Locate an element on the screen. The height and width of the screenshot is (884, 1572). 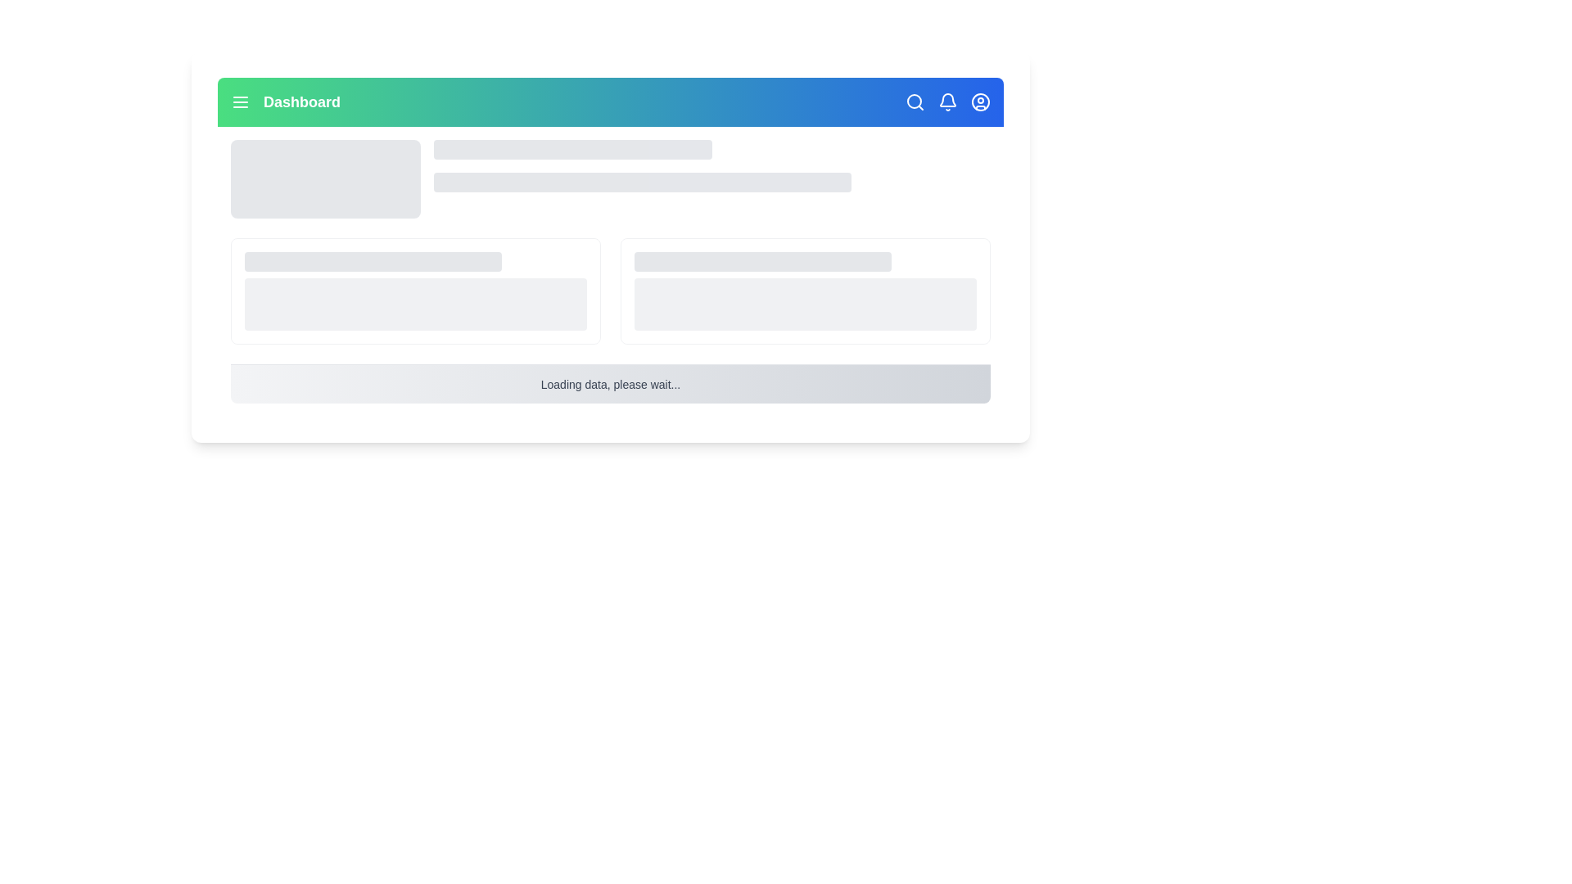
the Placeholder bar located in the upper part of the interface, aligned horizontally with the navigation bar and above a similar but longer bar is located at coordinates (573, 149).